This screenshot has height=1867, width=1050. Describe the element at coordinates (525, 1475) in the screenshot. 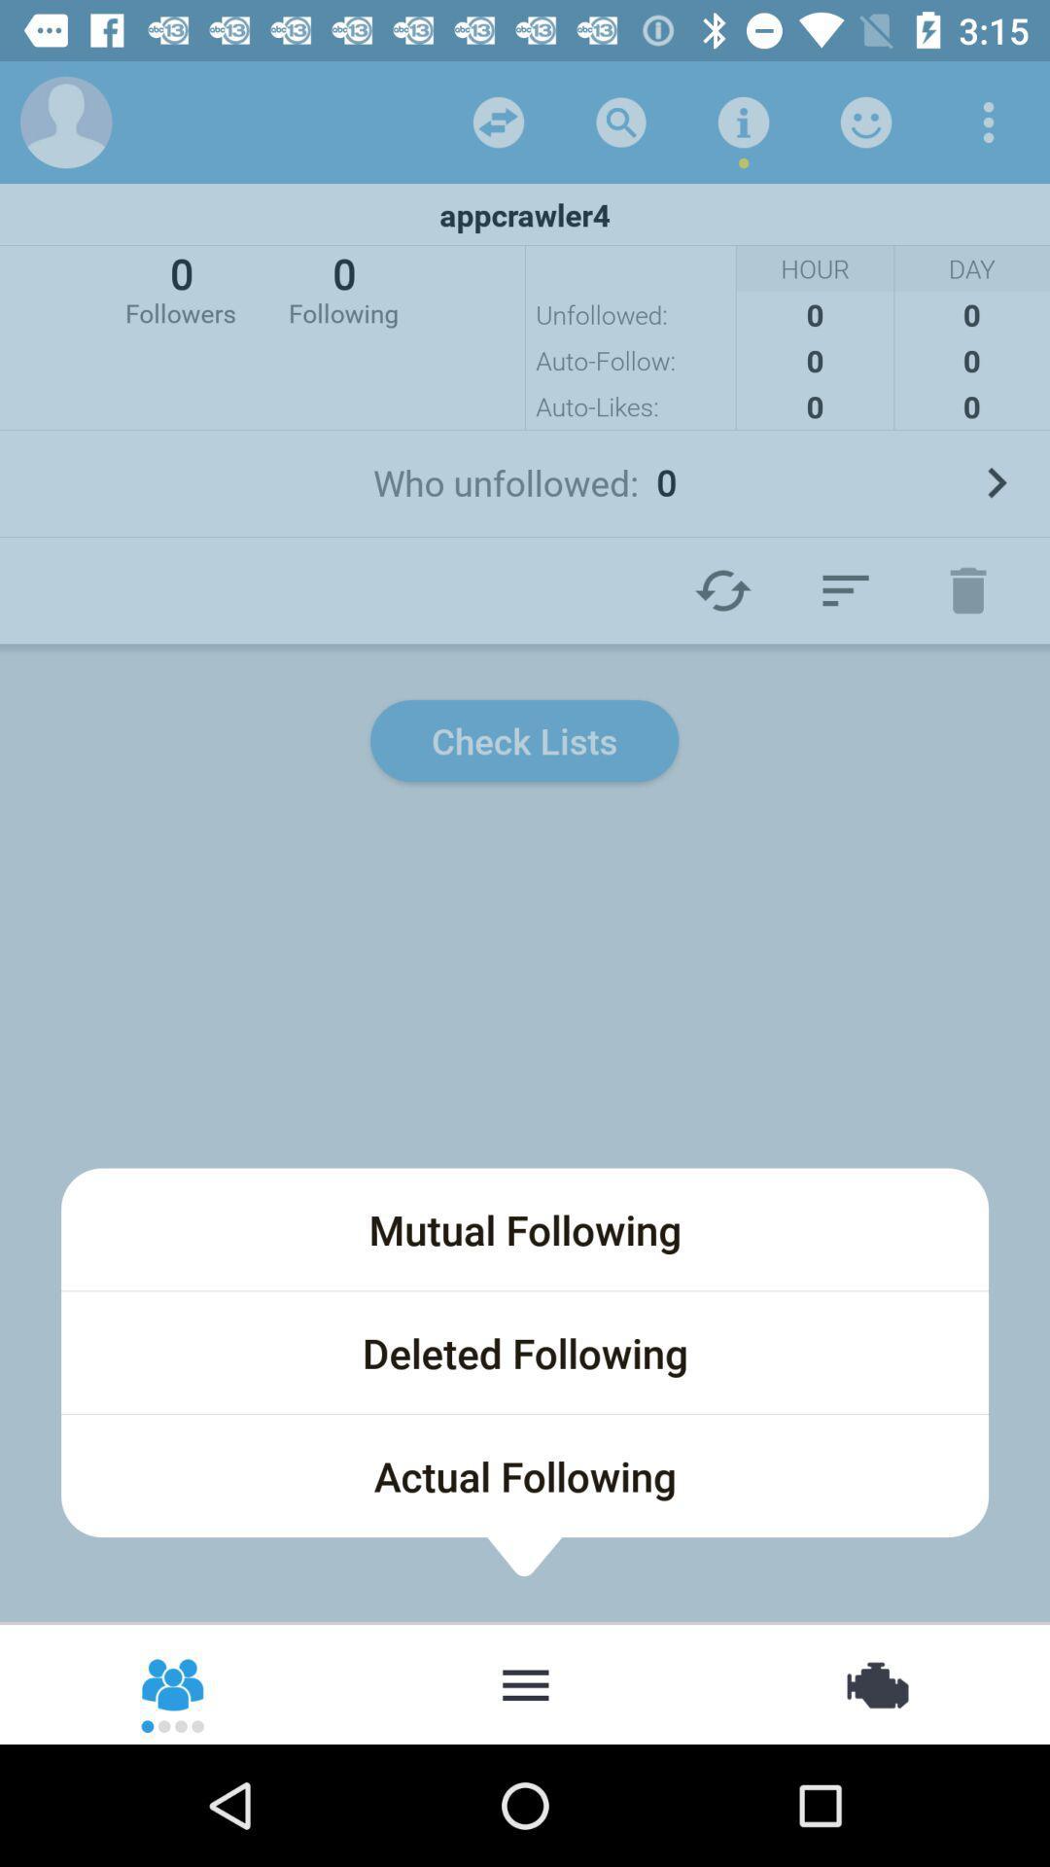

I see `icon below the deleted following` at that location.